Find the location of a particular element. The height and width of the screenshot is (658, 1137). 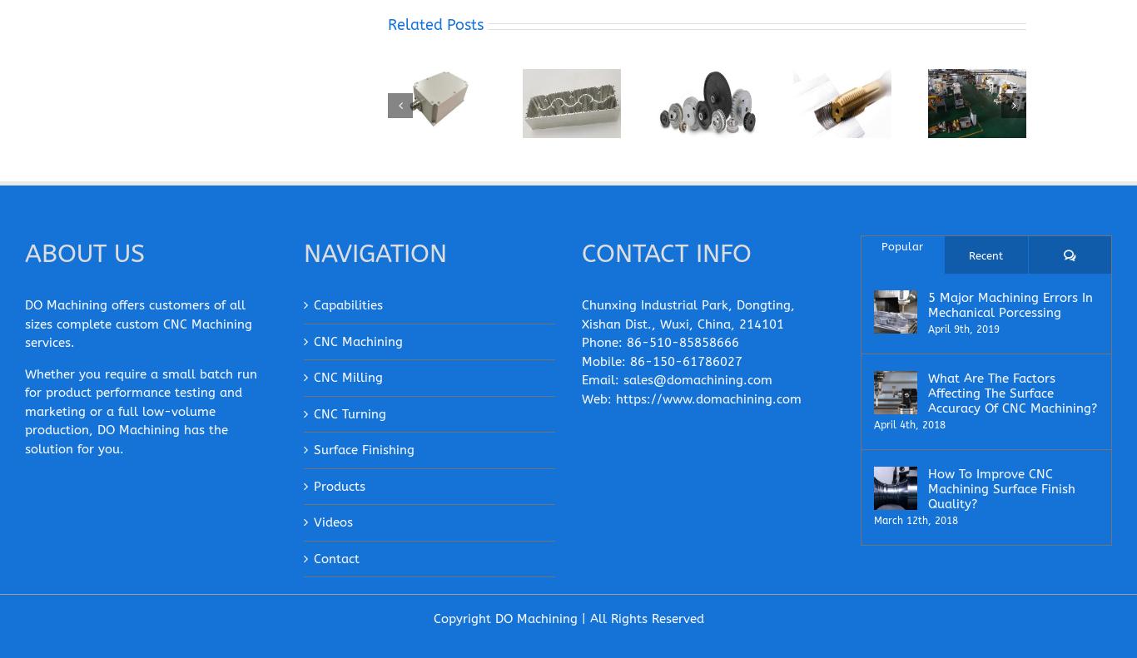

'Popular' is located at coordinates (901, 248).